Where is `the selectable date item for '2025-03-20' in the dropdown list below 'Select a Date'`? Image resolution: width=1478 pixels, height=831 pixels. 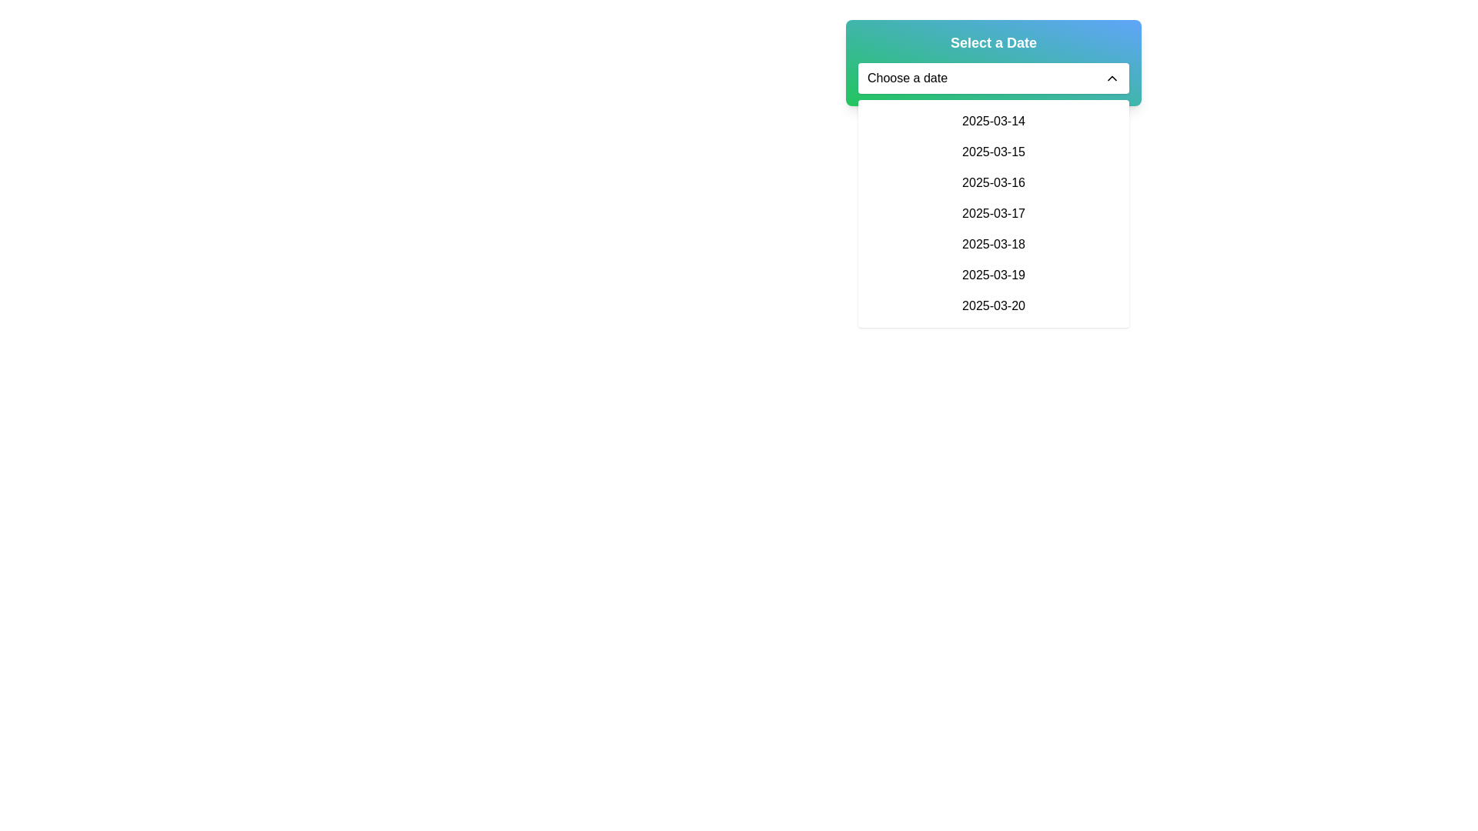
the selectable date item for '2025-03-20' in the dropdown list below 'Select a Date' is located at coordinates (994, 305).